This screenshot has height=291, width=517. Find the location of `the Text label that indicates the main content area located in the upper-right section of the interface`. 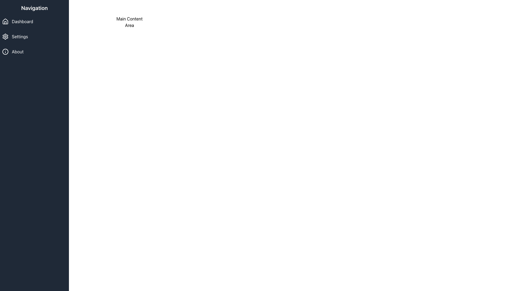

the Text label that indicates the main content area located in the upper-right section of the interface is located at coordinates (129, 22).